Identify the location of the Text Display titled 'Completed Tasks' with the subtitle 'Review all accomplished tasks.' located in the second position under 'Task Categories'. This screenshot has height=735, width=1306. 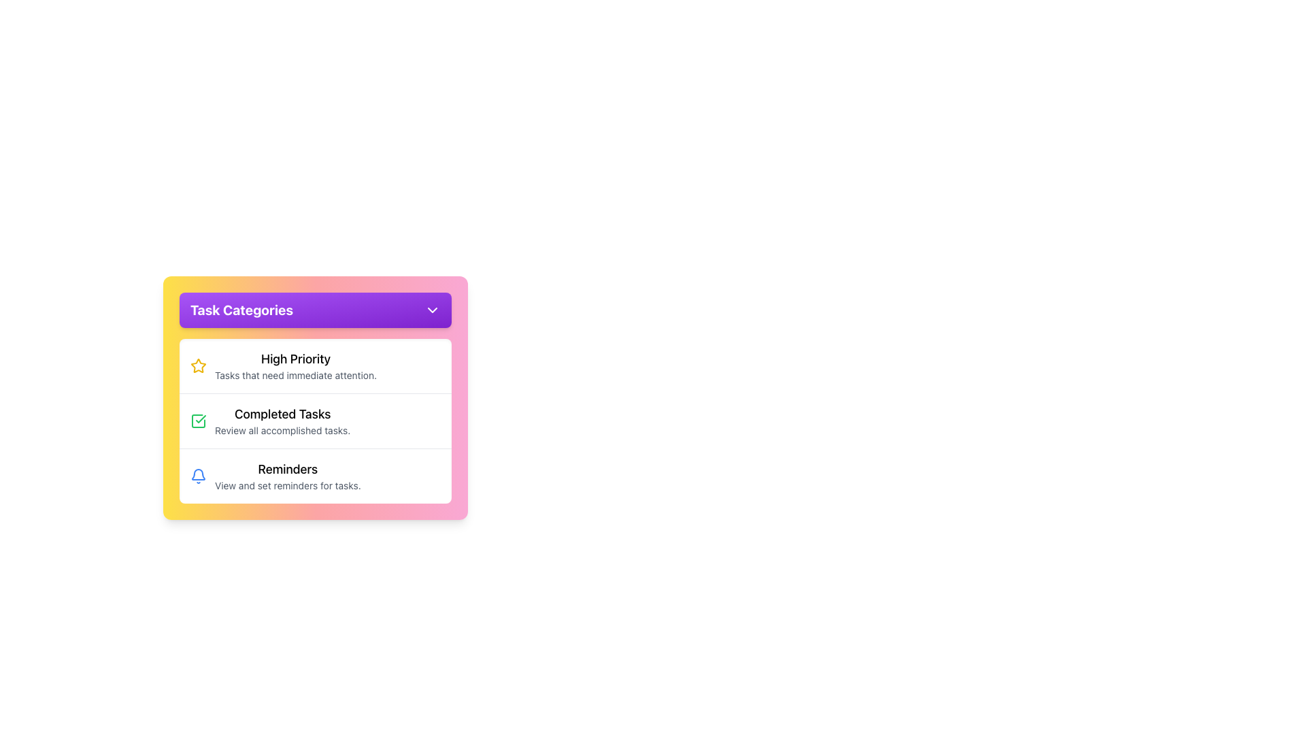
(282, 420).